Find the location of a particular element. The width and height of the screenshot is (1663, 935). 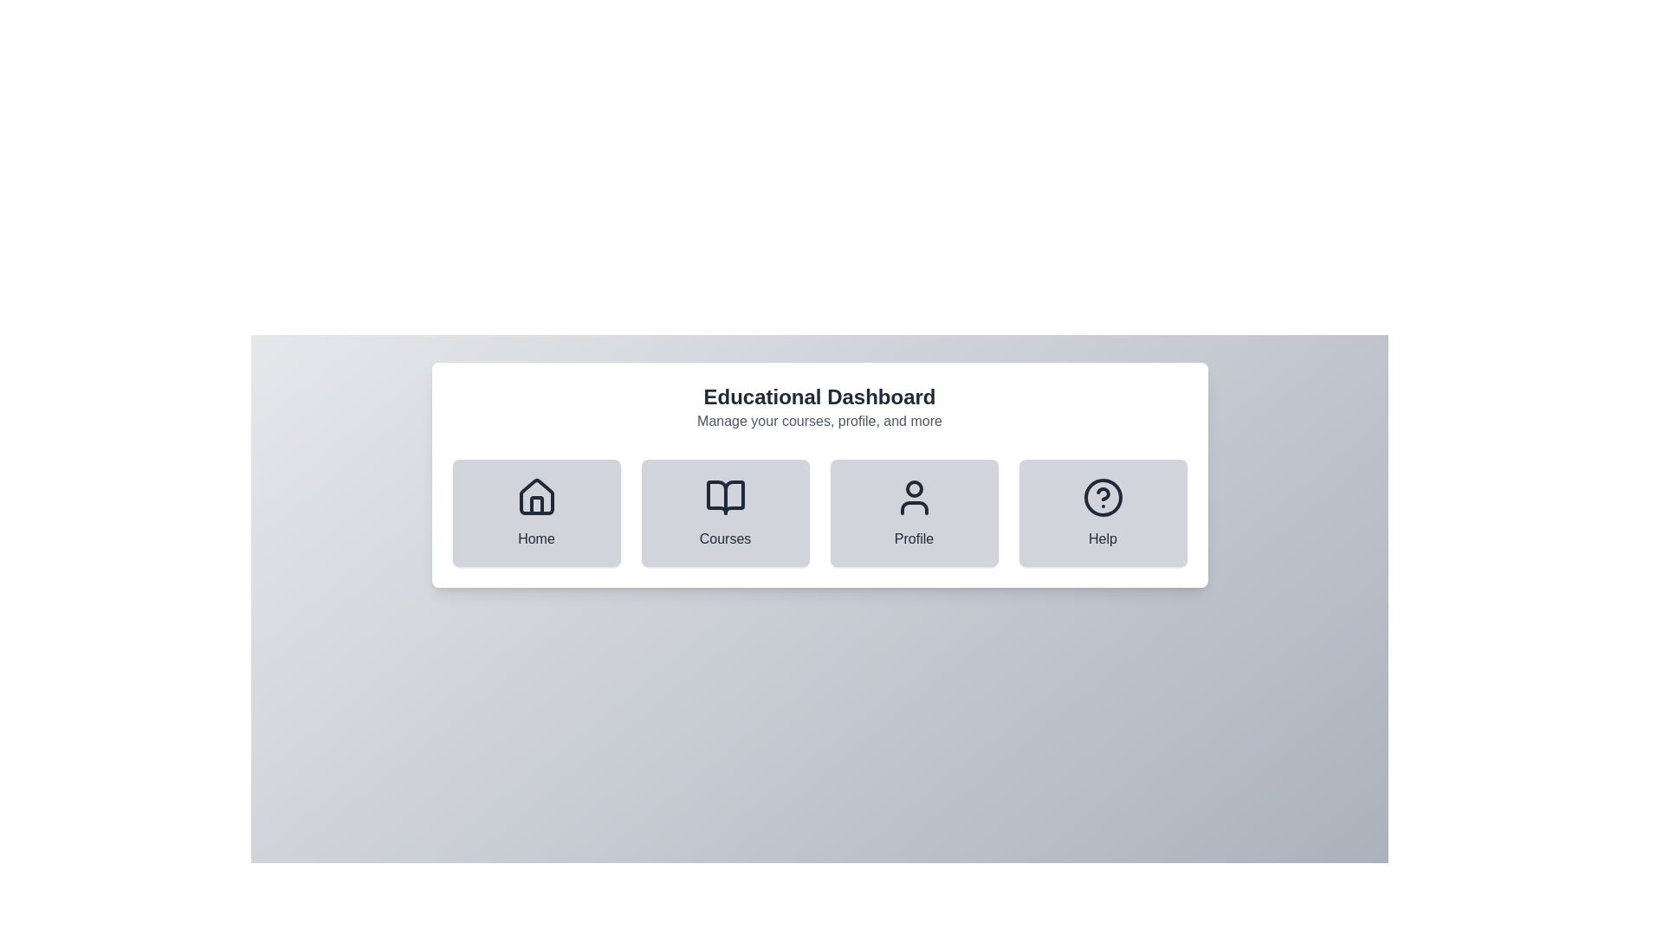

the static text element that serves as a descriptive subtitle for the 'Educational Dashboard', located centrally below the title is located at coordinates (819, 421).